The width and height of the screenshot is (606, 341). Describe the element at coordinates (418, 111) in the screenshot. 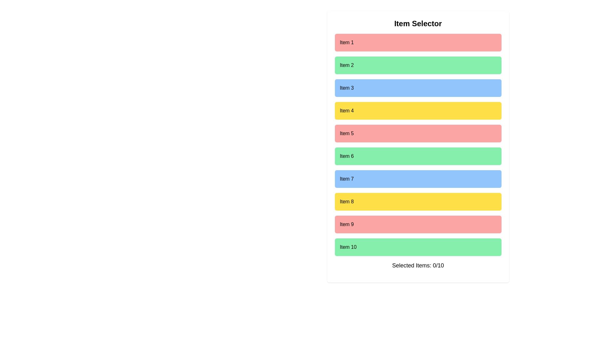

I see `the selectable 'Item 4'` at that location.